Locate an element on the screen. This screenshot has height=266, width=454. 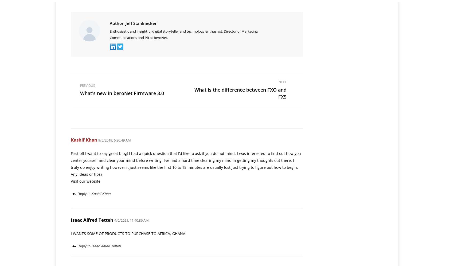
'First off I want to say great blog! I had a quick question that I’d like to ask if you do not mind. I was interested to find out how you center yourself and clear your mind before writing. I’ve had a hard time clearing my mind in getting my thoughts out there. I truly do enjoy writing however it just seems like the first 10 to 15 minutes are usually lost just trying to figure out how to begin. Any ideas or tips?' is located at coordinates (186, 164).